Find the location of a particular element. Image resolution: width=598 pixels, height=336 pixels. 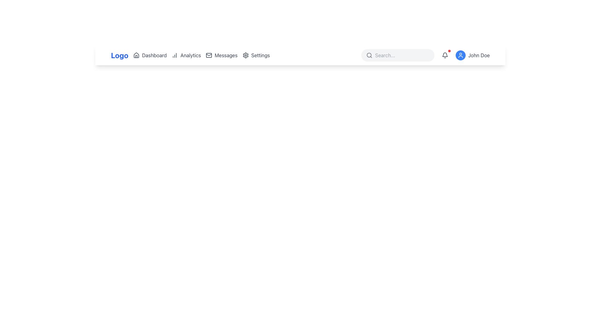

the envelope icon representing 'Messages' in the navigation bar, located between the 'Analytics' and 'Settings' sections is located at coordinates (209, 55).